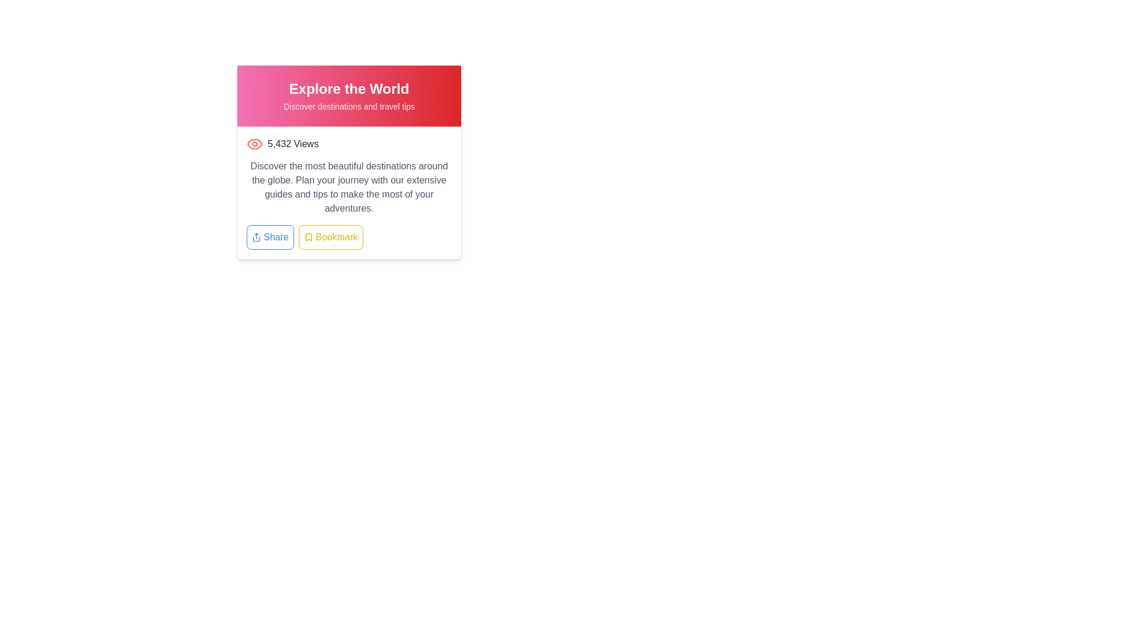  Describe the element at coordinates (254, 143) in the screenshot. I see `the outer oval structure of the eye icon` at that location.